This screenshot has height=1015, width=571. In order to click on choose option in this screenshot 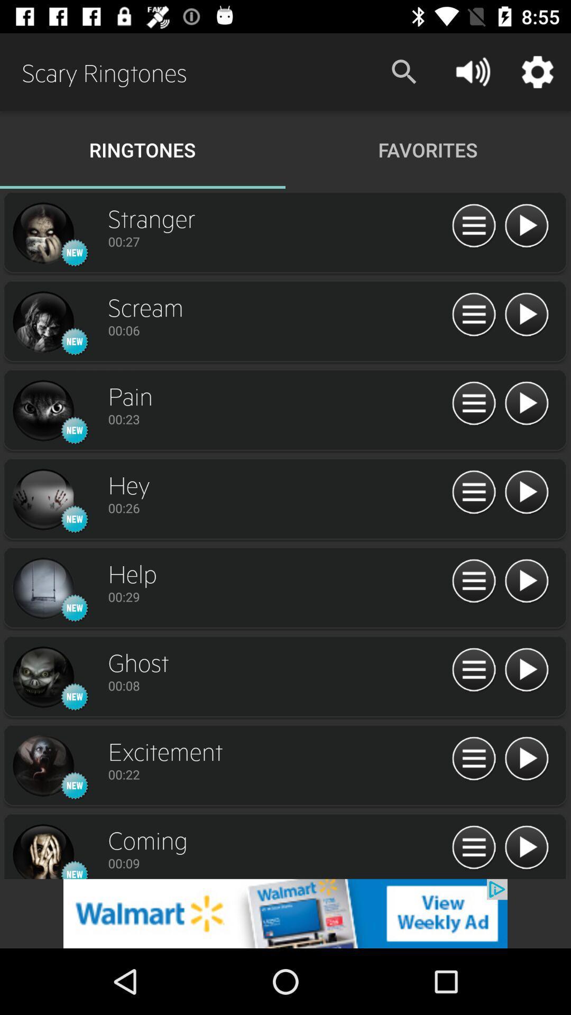, I will do `click(473, 848)`.